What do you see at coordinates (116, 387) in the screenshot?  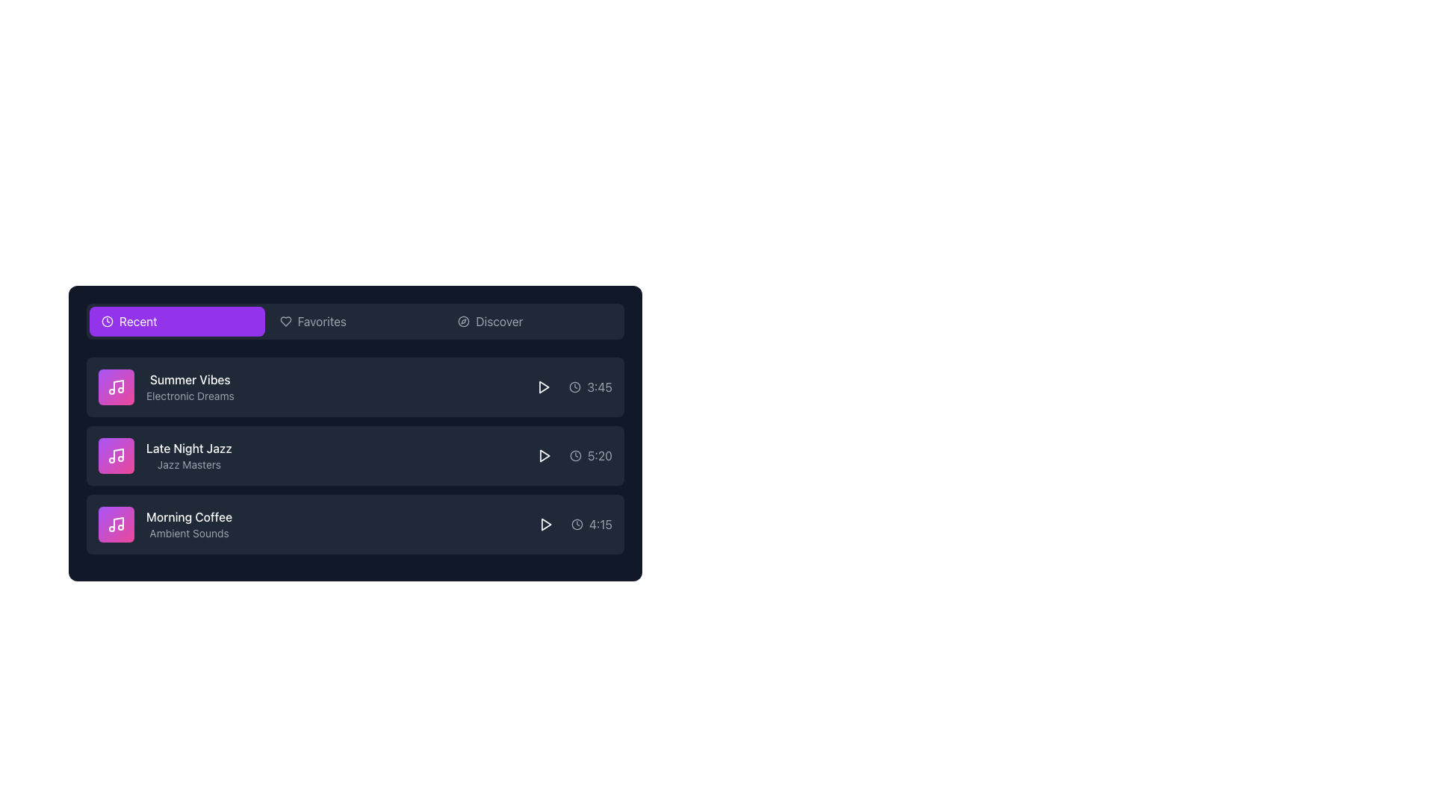 I see `the decorative image representing the music track 'Summer Vibes', which is located on the left side of the first list item in a vertical list of music tracks` at bounding box center [116, 387].